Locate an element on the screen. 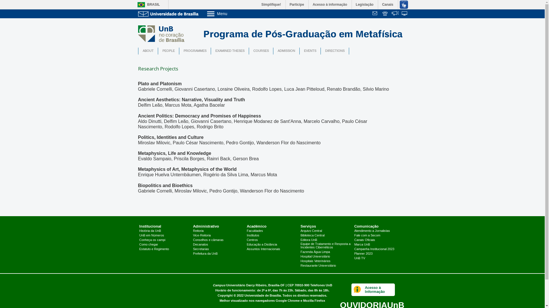 This screenshot has height=308, width=549. 'Planner 2023' is located at coordinates (363, 254).